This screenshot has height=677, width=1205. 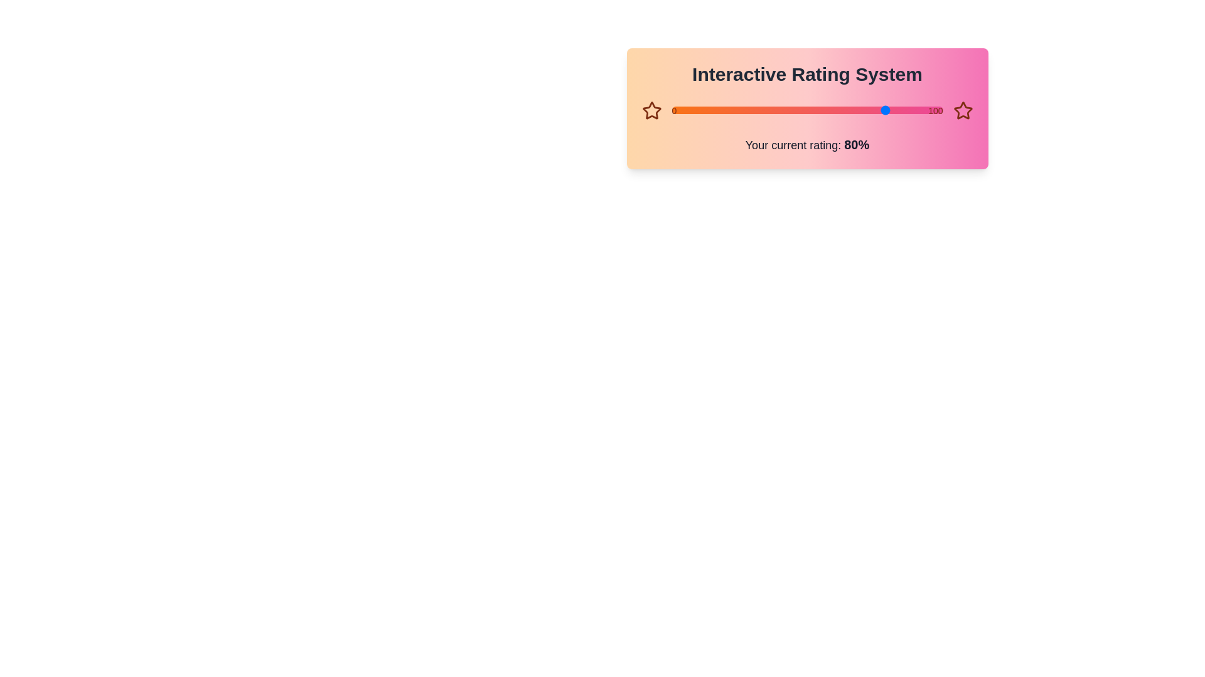 I want to click on the slider track to set the rating to 26%, so click(x=742, y=110).